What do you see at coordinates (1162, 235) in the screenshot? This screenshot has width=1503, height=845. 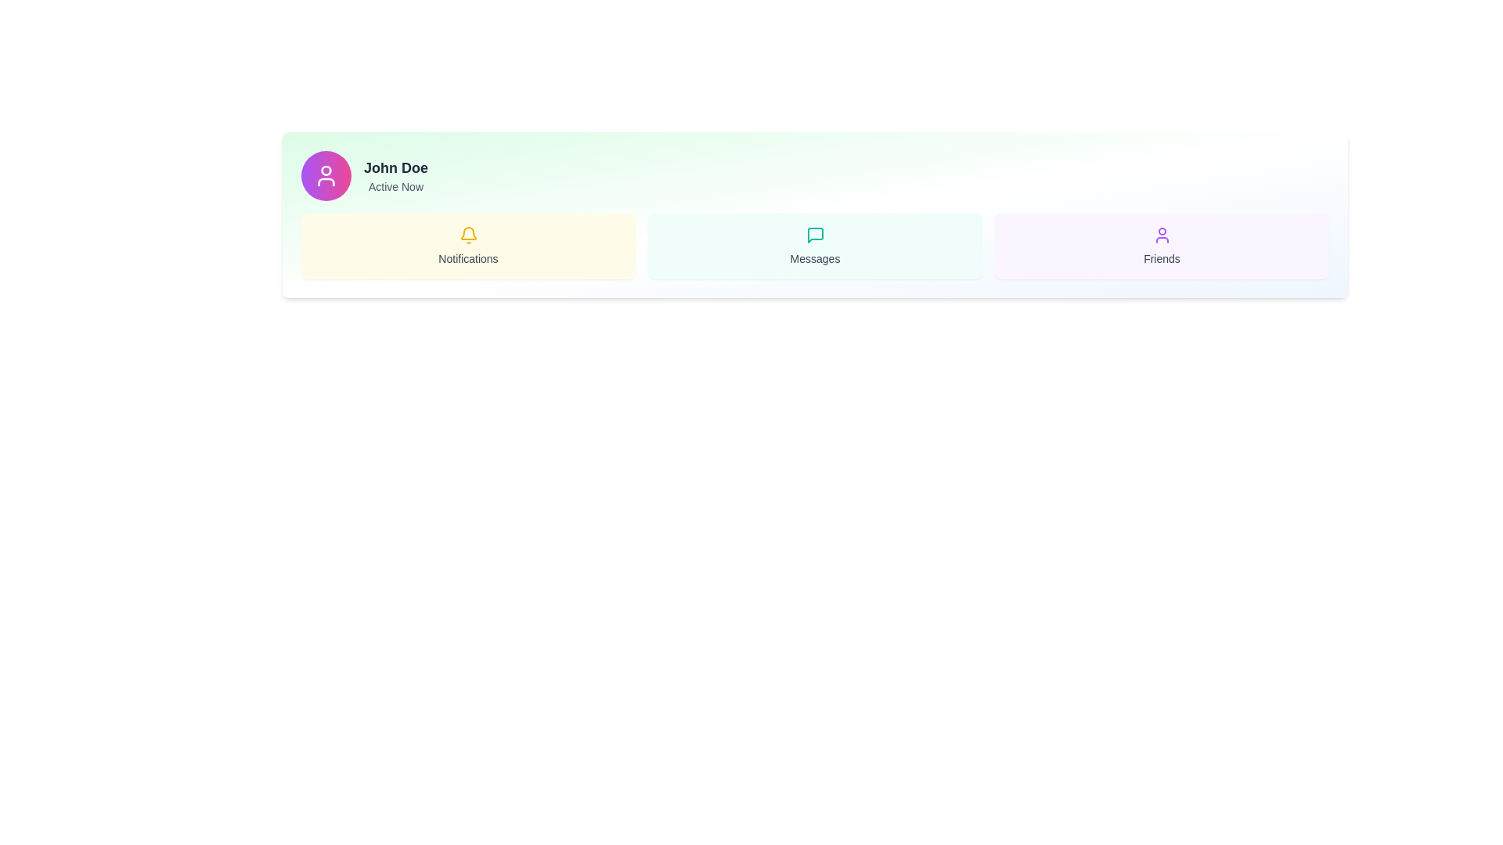 I see `the user silhouette icon with a purple outline located within the 'Friends' section, which has a light purple background and is identified by the 'Friends' label below it` at bounding box center [1162, 235].